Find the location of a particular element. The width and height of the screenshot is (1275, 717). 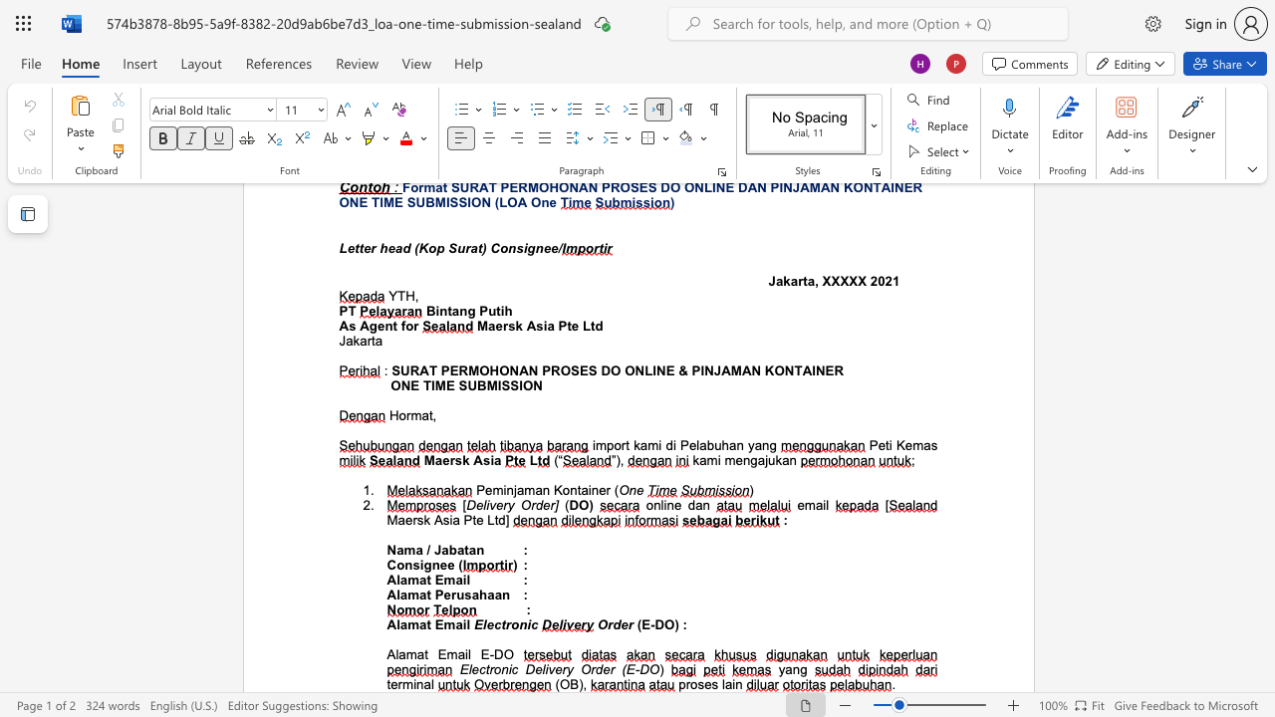

the subset text "roses" within the text "proses lain" is located at coordinates (685, 683).